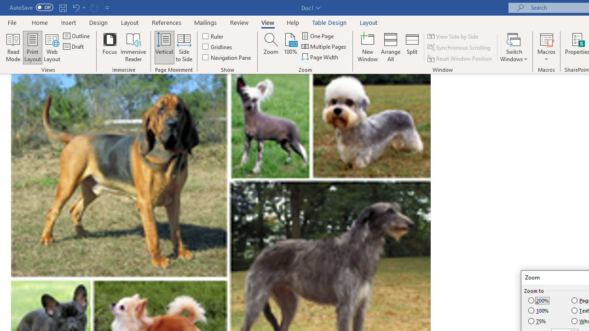 The image size is (589, 331). I want to click on 'Macros', so click(546, 47).